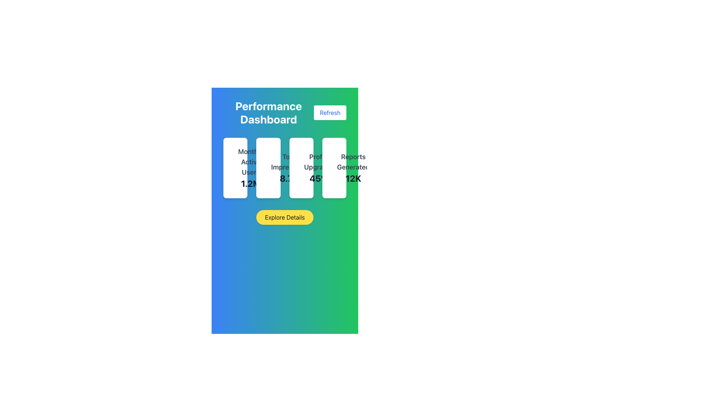  What do you see at coordinates (330, 112) in the screenshot?
I see `the 'Refresh' button with a bright white background and blue text` at bounding box center [330, 112].